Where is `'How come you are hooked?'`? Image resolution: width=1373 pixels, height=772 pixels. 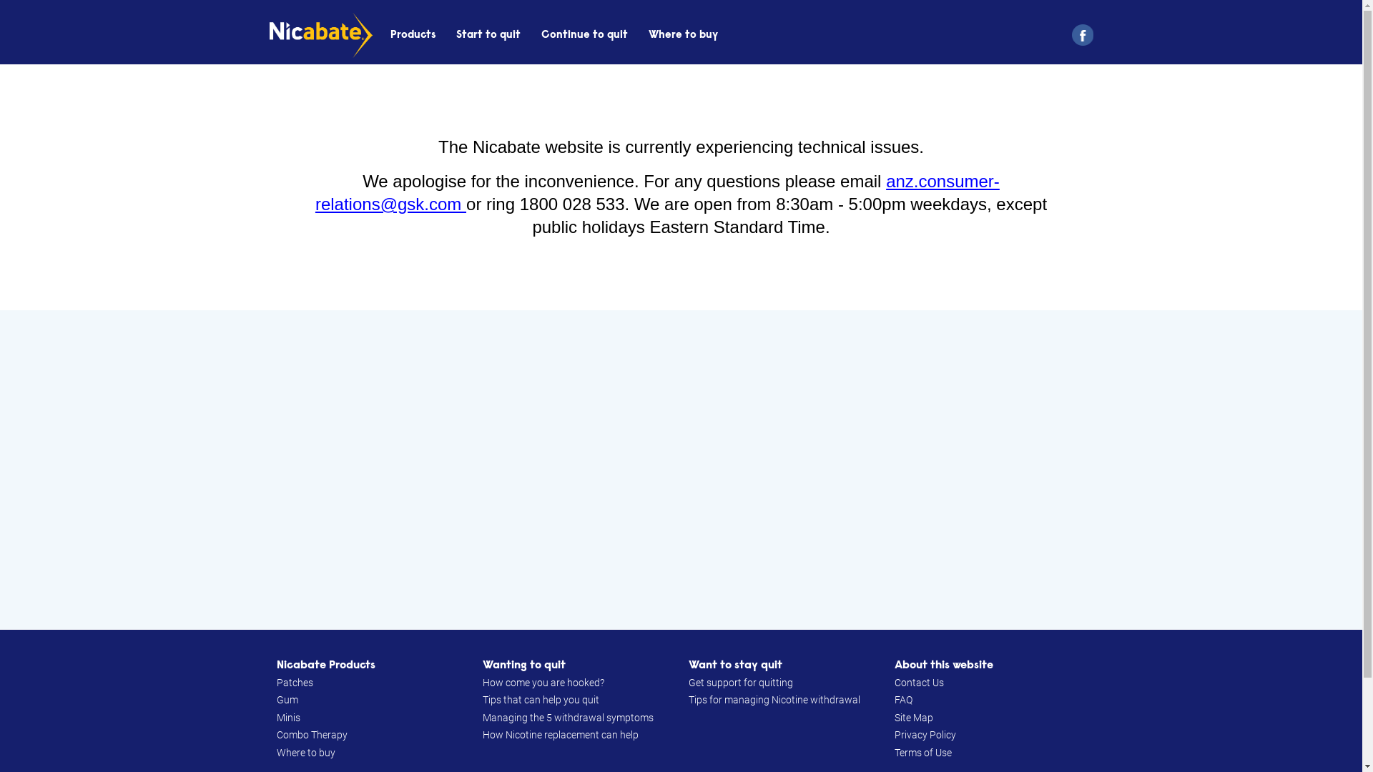 'How come you are hooked?' is located at coordinates (541, 682).